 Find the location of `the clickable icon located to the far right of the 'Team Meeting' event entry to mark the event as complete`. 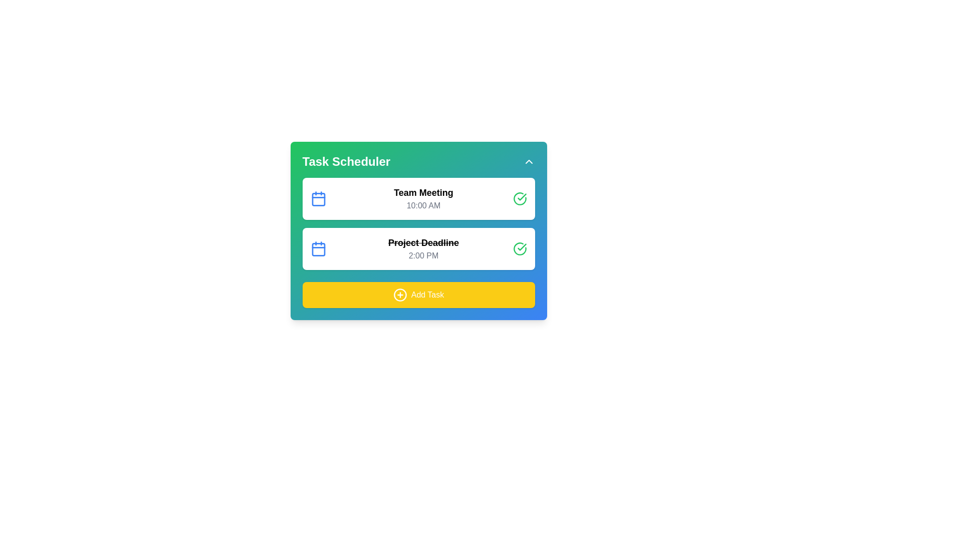

the clickable icon located to the far right of the 'Team Meeting' event entry to mark the event as complete is located at coordinates (520, 199).